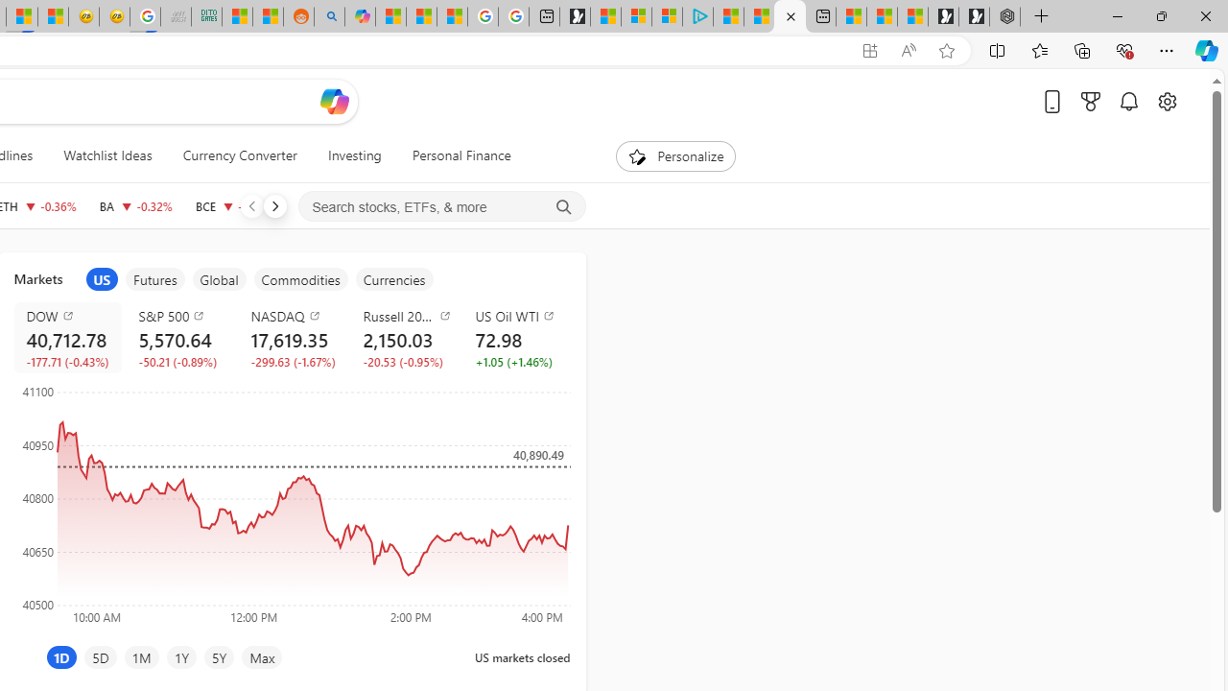 This screenshot has width=1228, height=691. Describe the element at coordinates (1128, 101) in the screenshot. I see `'Notifications'` at that location.